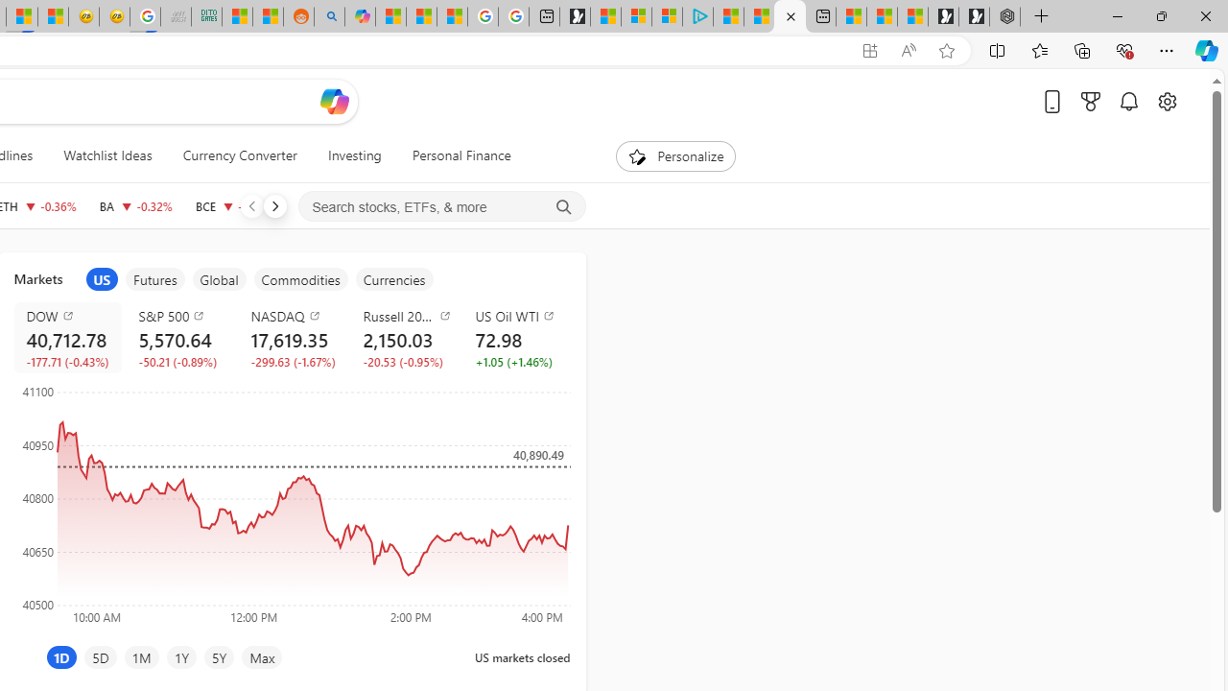 This screenshot has width=1228, height=691. Describe the element at coordinates (1128, 101) in the screenshot. I see `'Notifications'` at that location.